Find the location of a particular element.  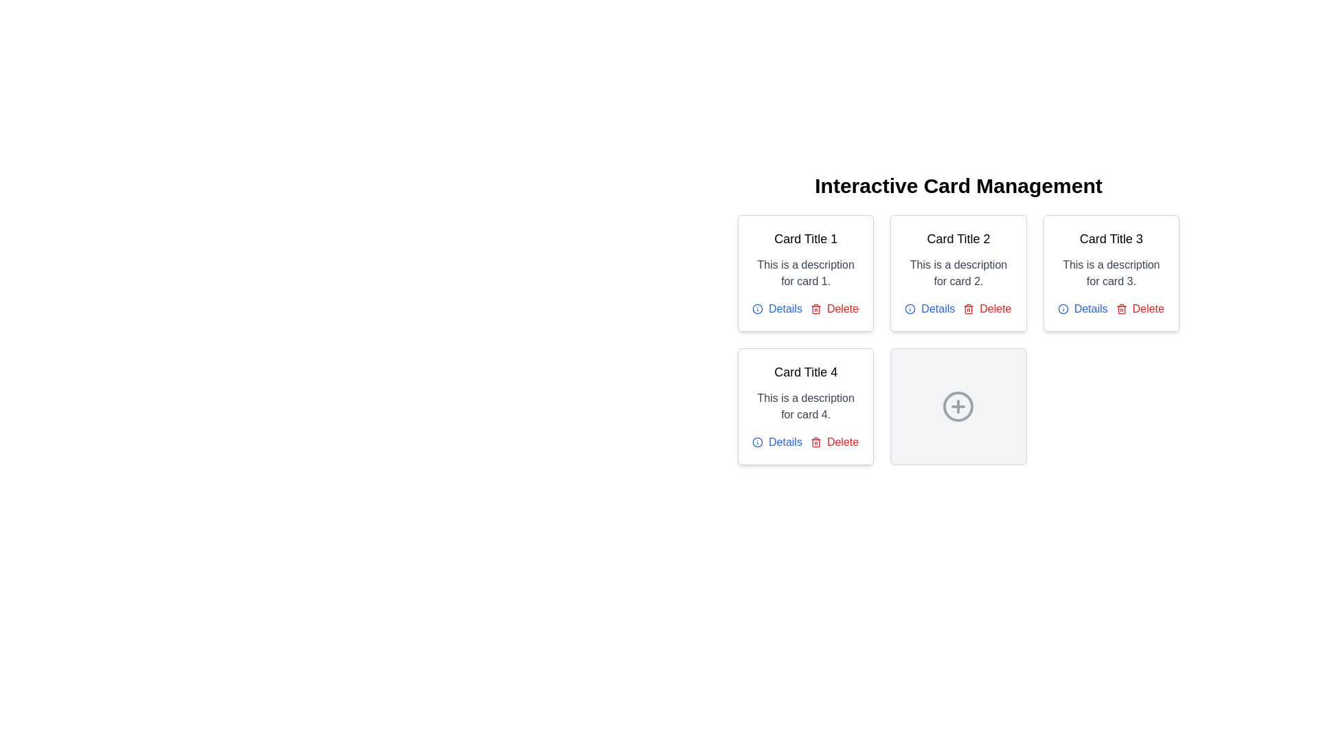

the 'Details' icon located to the left of the text within the clickable link at the bottom-left corner of 'Card Title 4' is located at coordinates (910, 309).